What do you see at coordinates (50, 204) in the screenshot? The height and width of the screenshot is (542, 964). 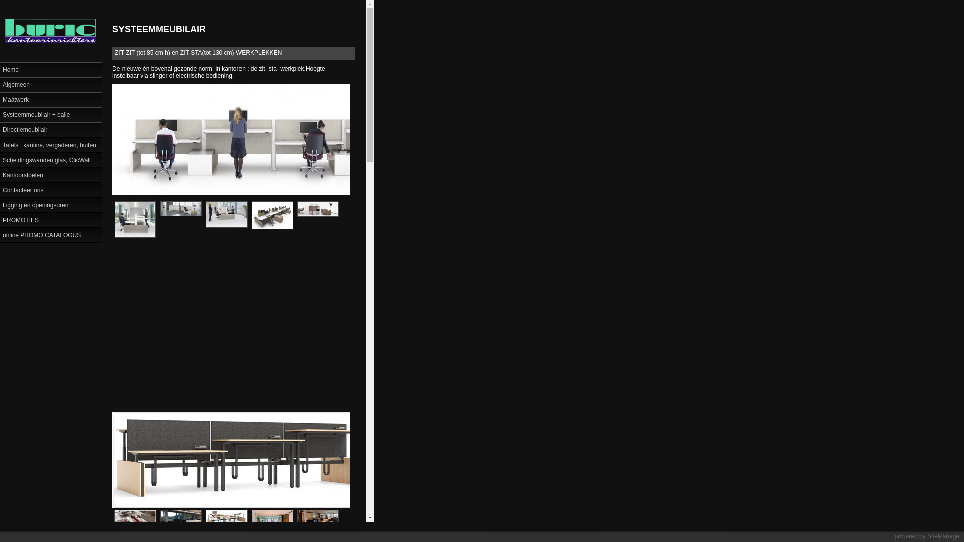 I see `'Ligging en openingsuren'` at bounding box center [50, 204].